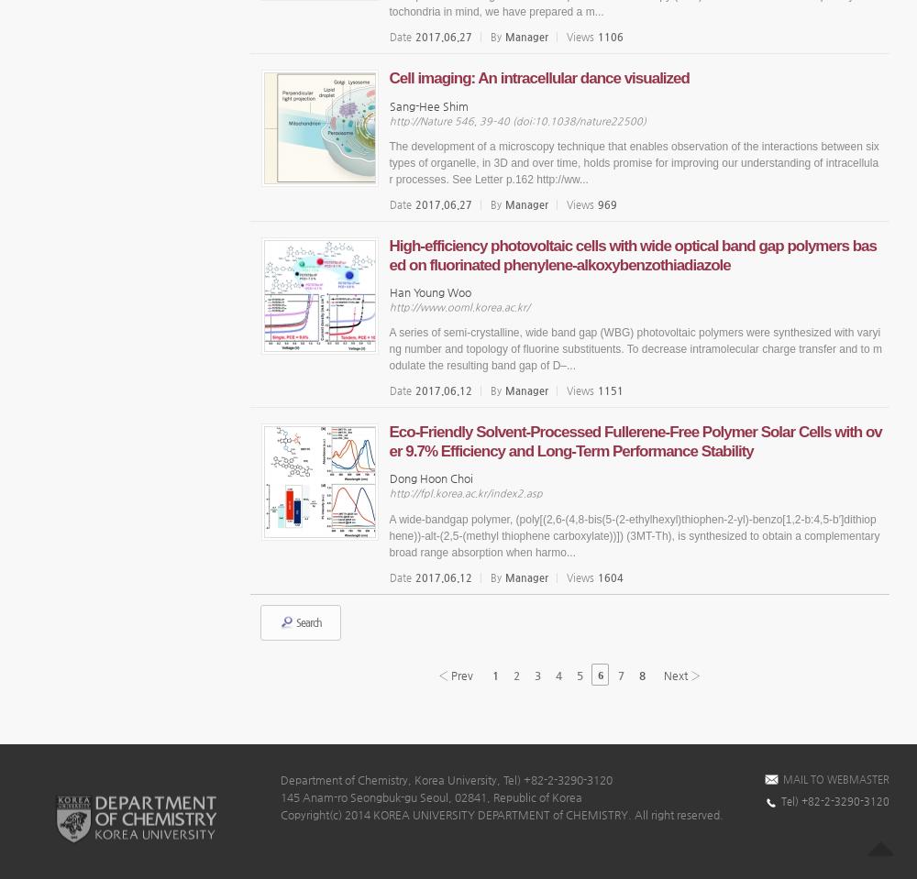  Describe the element at coordinates (429, 478) in the screenshot. I see `'Dong Hoon Choi'` at that location.